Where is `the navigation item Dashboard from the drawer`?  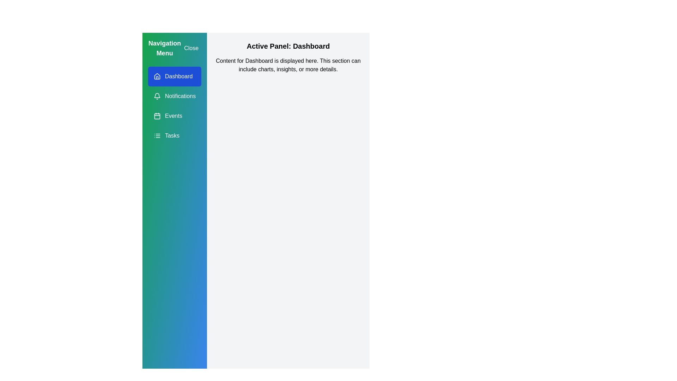 the navigation item Dashboard from the drawer is located at coordinates (175, 76).